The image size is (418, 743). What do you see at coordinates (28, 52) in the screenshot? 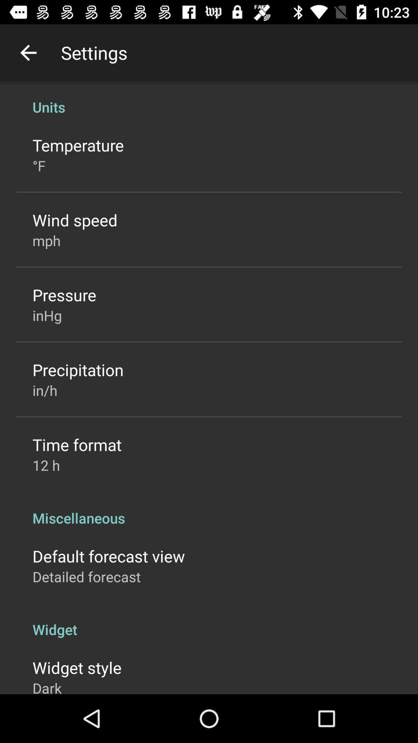
I see `go back` at bounding box center [28, 52].